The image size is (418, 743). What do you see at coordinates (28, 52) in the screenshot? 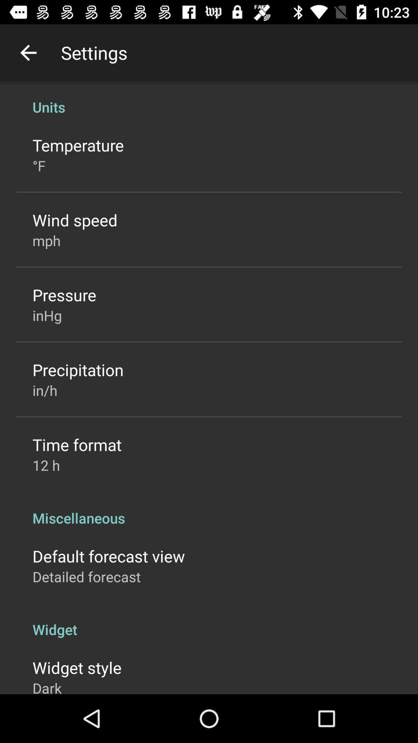
I see `go back` at bounding box center [28, 52].